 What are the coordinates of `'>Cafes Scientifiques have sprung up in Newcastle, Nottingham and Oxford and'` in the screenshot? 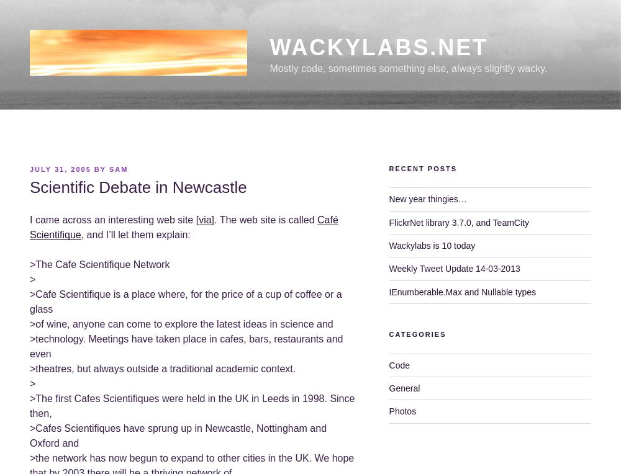 It's located at (178, 434).